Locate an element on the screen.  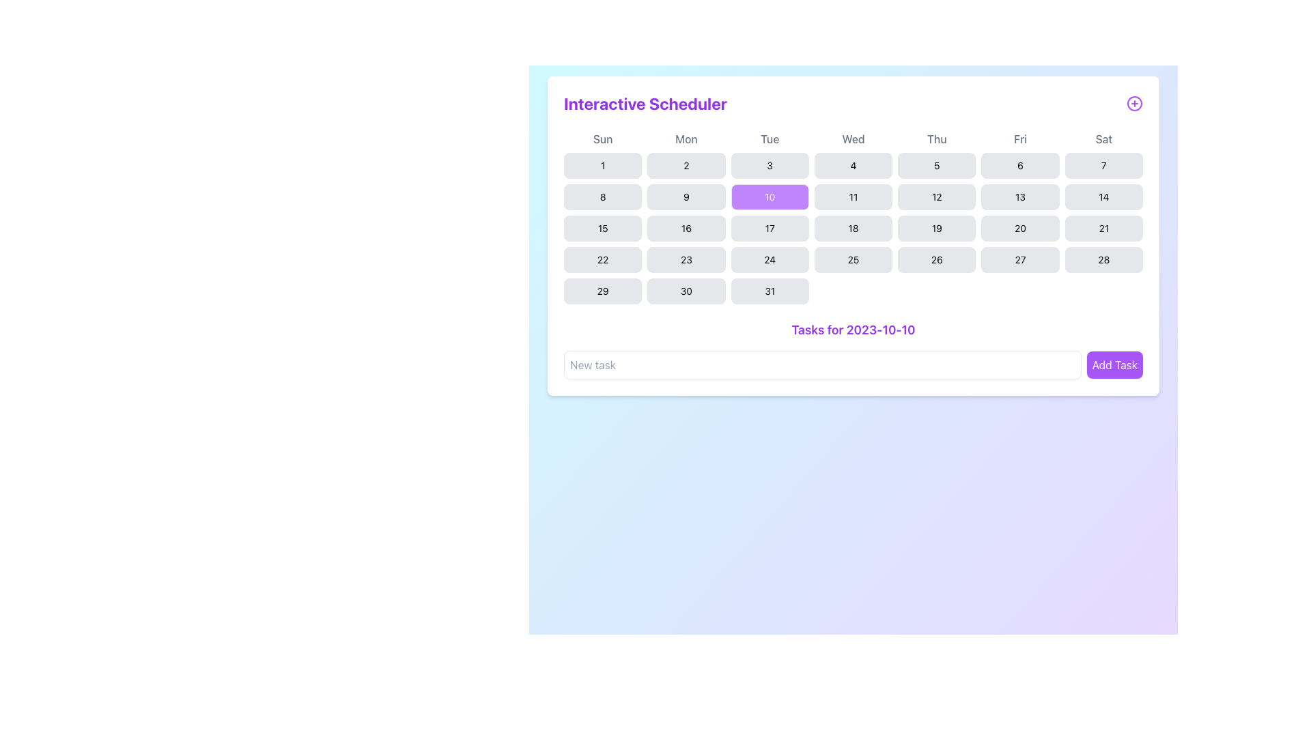
the rounded rectangular button displaying the number '26' is located at coordinates (936, 260).